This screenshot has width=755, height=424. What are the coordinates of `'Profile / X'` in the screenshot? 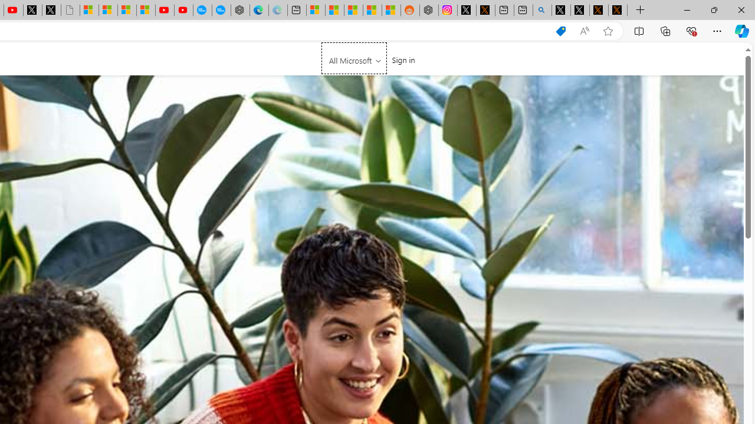 It's located at (560, 10).